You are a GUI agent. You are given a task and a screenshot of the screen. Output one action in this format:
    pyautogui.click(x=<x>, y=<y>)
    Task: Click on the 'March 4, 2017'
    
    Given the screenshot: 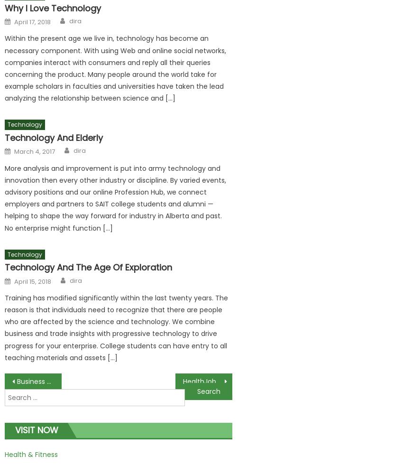 What is the action you would take?
    pyautogui.click(x=34, y=151)
    